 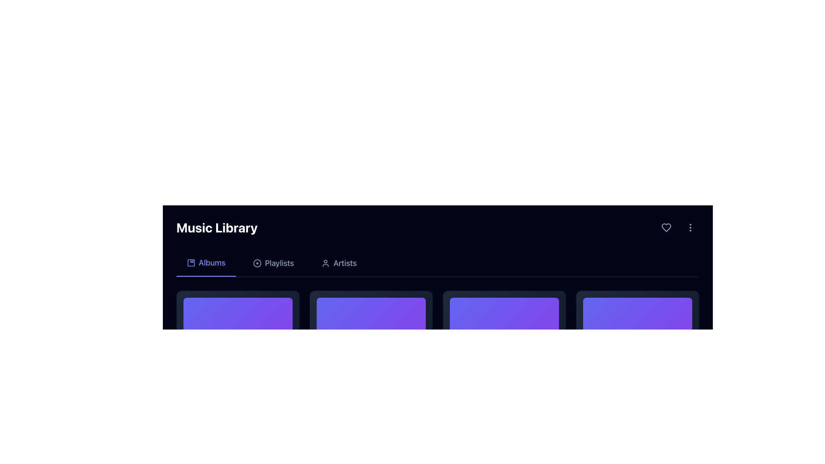 What do you see at coordinates (257, 263) in the screenshot?
I see `the larger circular SVG graphic located in the bottom-right section of the main layout, which serves as a decorative or functional part of the interface` at bounding box center [257, 263].